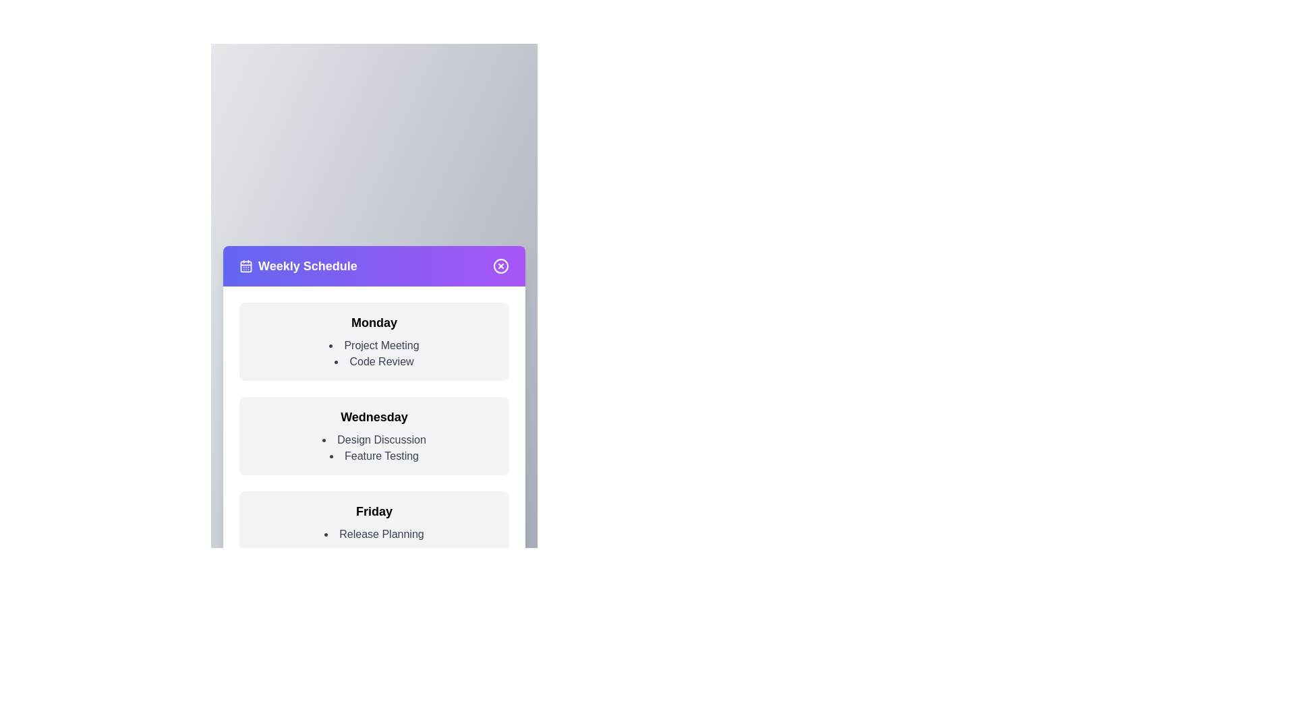 This screenshot has height=728, width=1295. What do you see at coordinates (246, 266) in the screenshot?
I see `the calendar icon next to the Weekly Schedule title` at bounding box center [246, 266].